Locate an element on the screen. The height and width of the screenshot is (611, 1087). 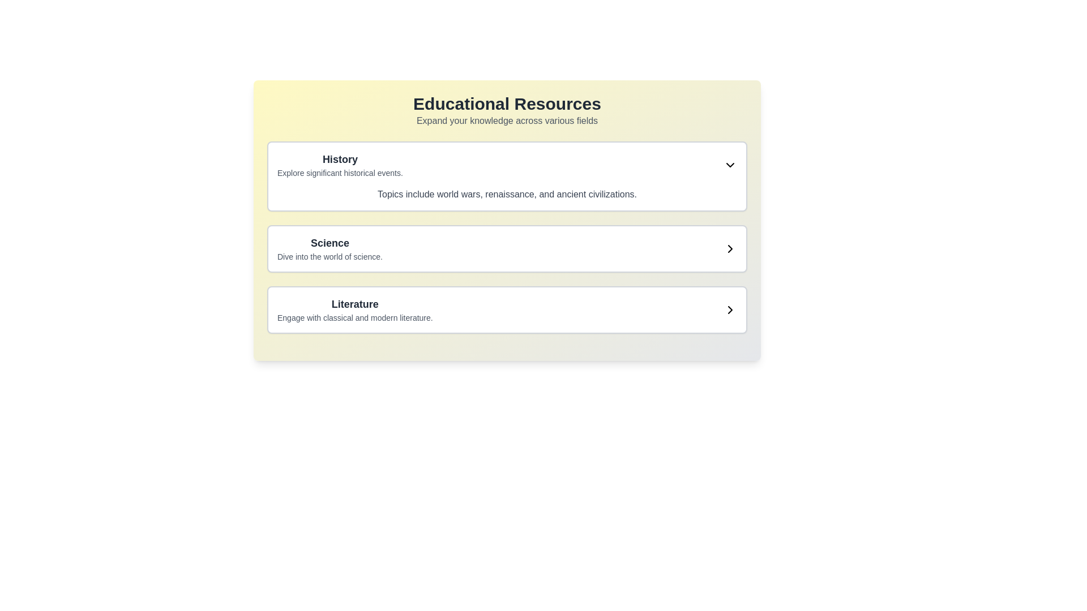
the Static Text element that provides a supportive description or motivational tagline beneath the 'Educational Resources' heading is located at coordinates (507, 121).